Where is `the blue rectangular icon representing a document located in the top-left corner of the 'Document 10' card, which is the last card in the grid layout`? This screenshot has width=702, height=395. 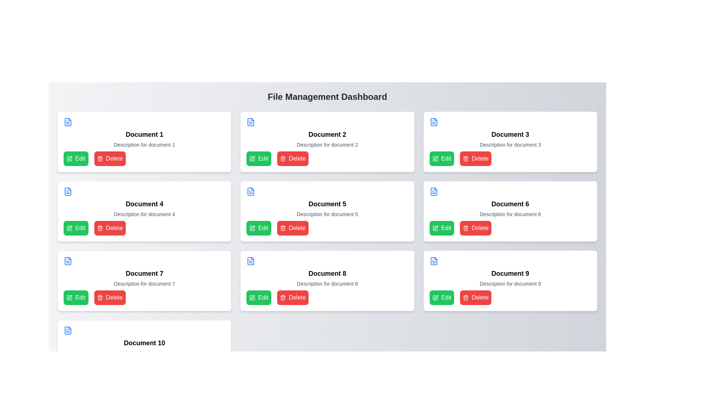 the blue rectangular icon representing a document located in the top-left corner of the 'Document 10' card, which is the last card in the grid layout is located at coordinates (68, 330).